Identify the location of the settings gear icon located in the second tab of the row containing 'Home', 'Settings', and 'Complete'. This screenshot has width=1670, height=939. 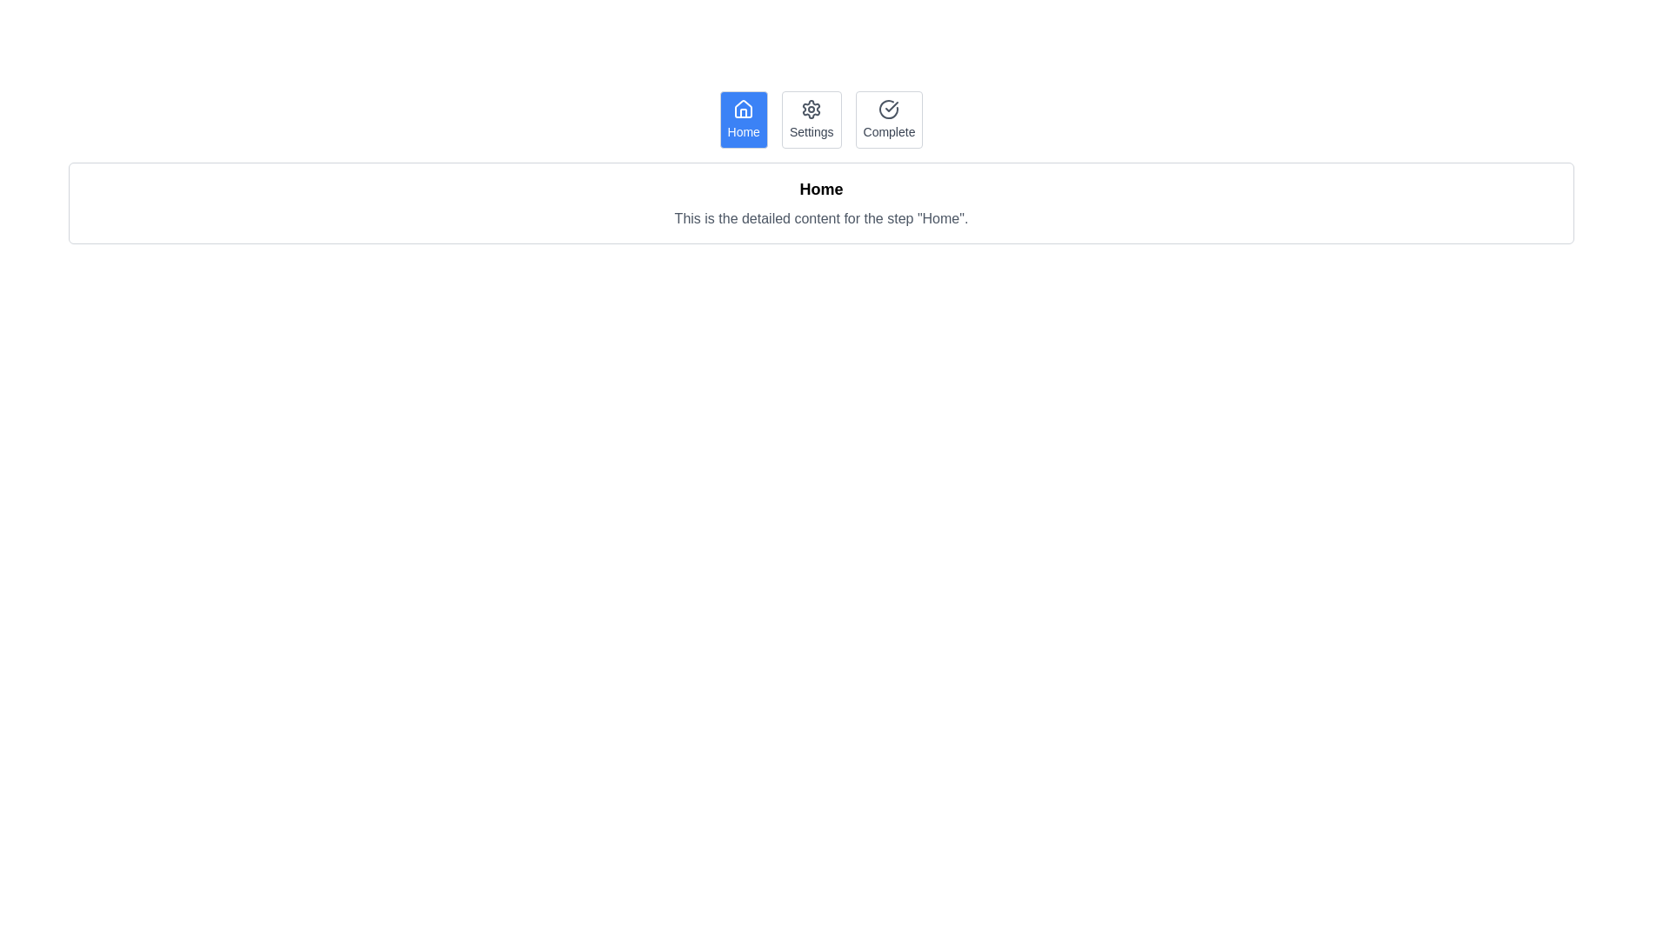
(811, 110).